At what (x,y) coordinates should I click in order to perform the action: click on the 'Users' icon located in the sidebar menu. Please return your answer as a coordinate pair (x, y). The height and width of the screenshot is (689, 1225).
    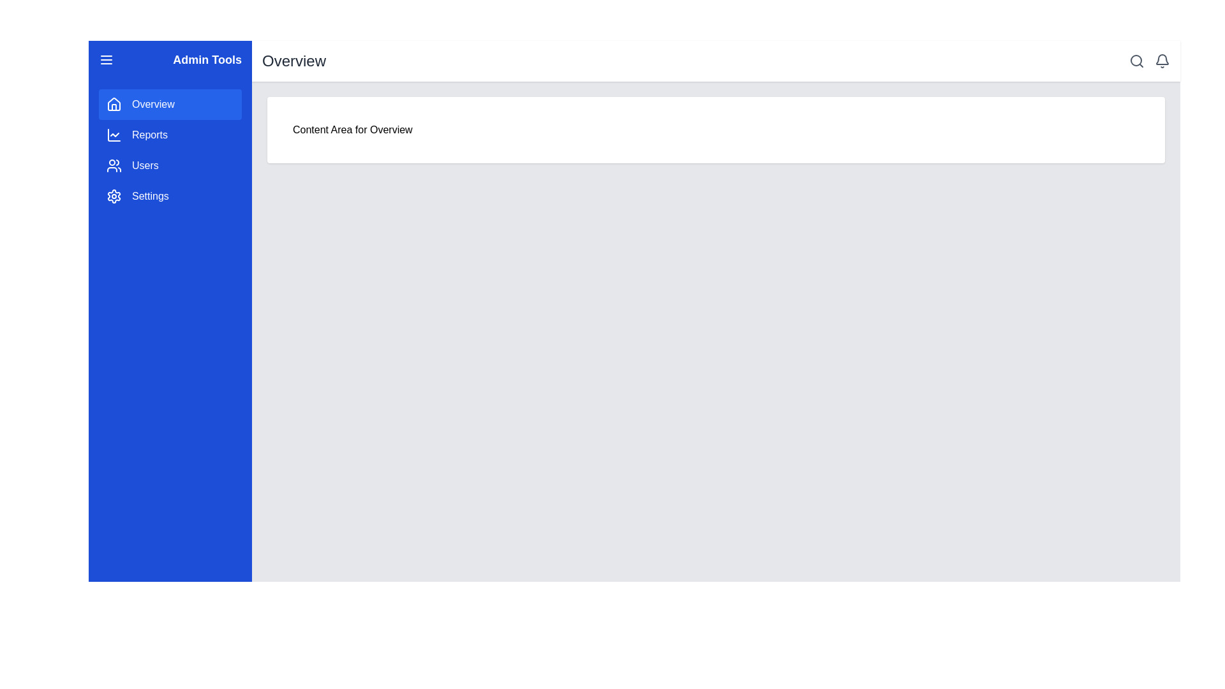
    Looking at the image, I should click on (114, 165).